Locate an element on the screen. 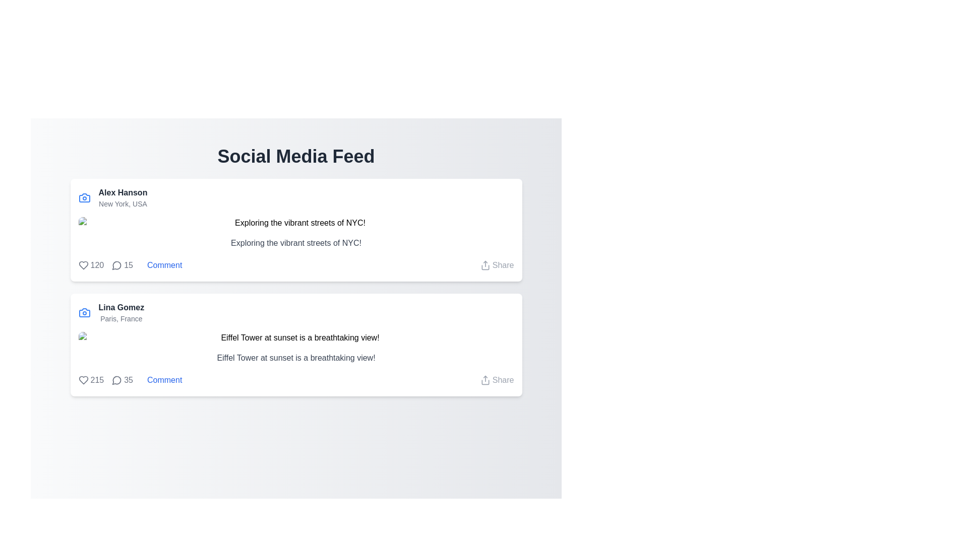  the static text display showing the number '120', which is styled in a default font and located immediately to the right of the heart icon in the first post section under user 'Alex Hanson' is located at coordinates (91, 265).